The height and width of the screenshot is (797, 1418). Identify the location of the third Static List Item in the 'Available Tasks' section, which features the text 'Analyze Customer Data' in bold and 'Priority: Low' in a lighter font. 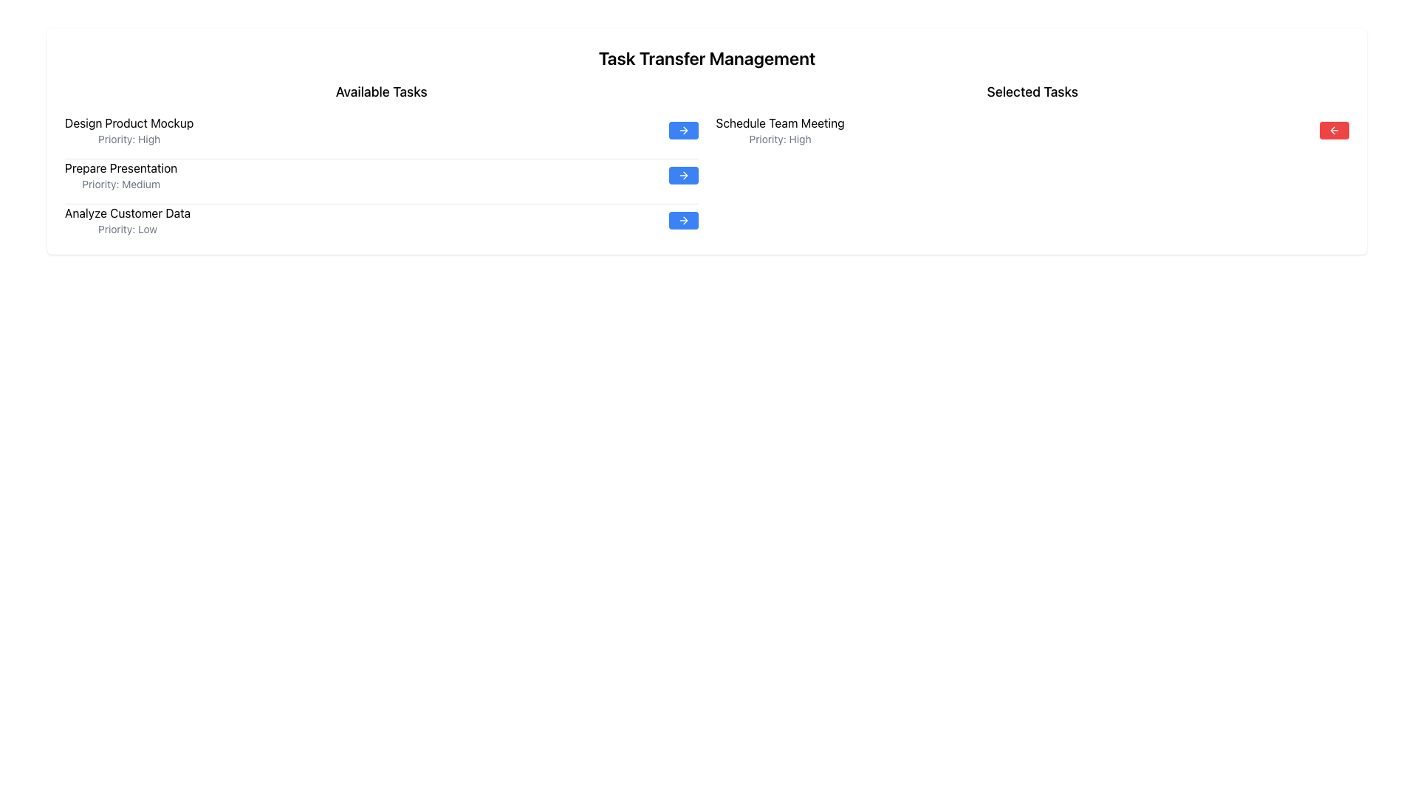
(127, 221).